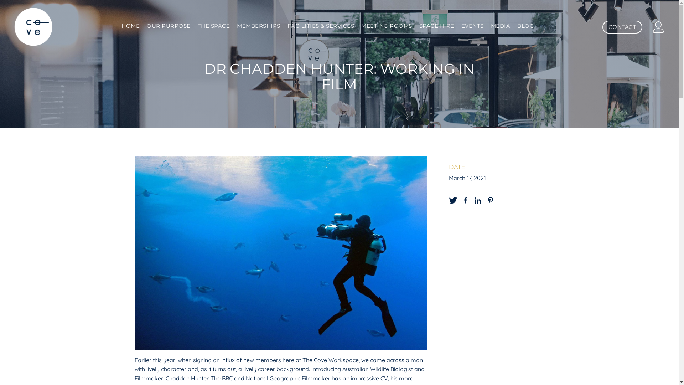 This screenshot has width=684, height=385. I want to click on 'OUR PURPOSE', so click(168, 26).